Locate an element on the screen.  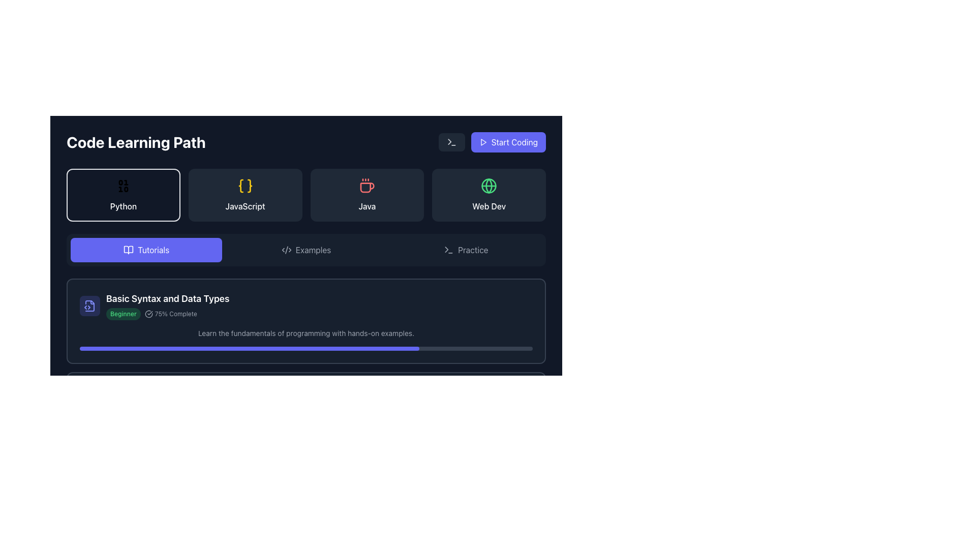
the circular SVG graphics element representing a globe icon with a green outline, located inside the 'Web Dev' button is located at coordinates (489, 186).